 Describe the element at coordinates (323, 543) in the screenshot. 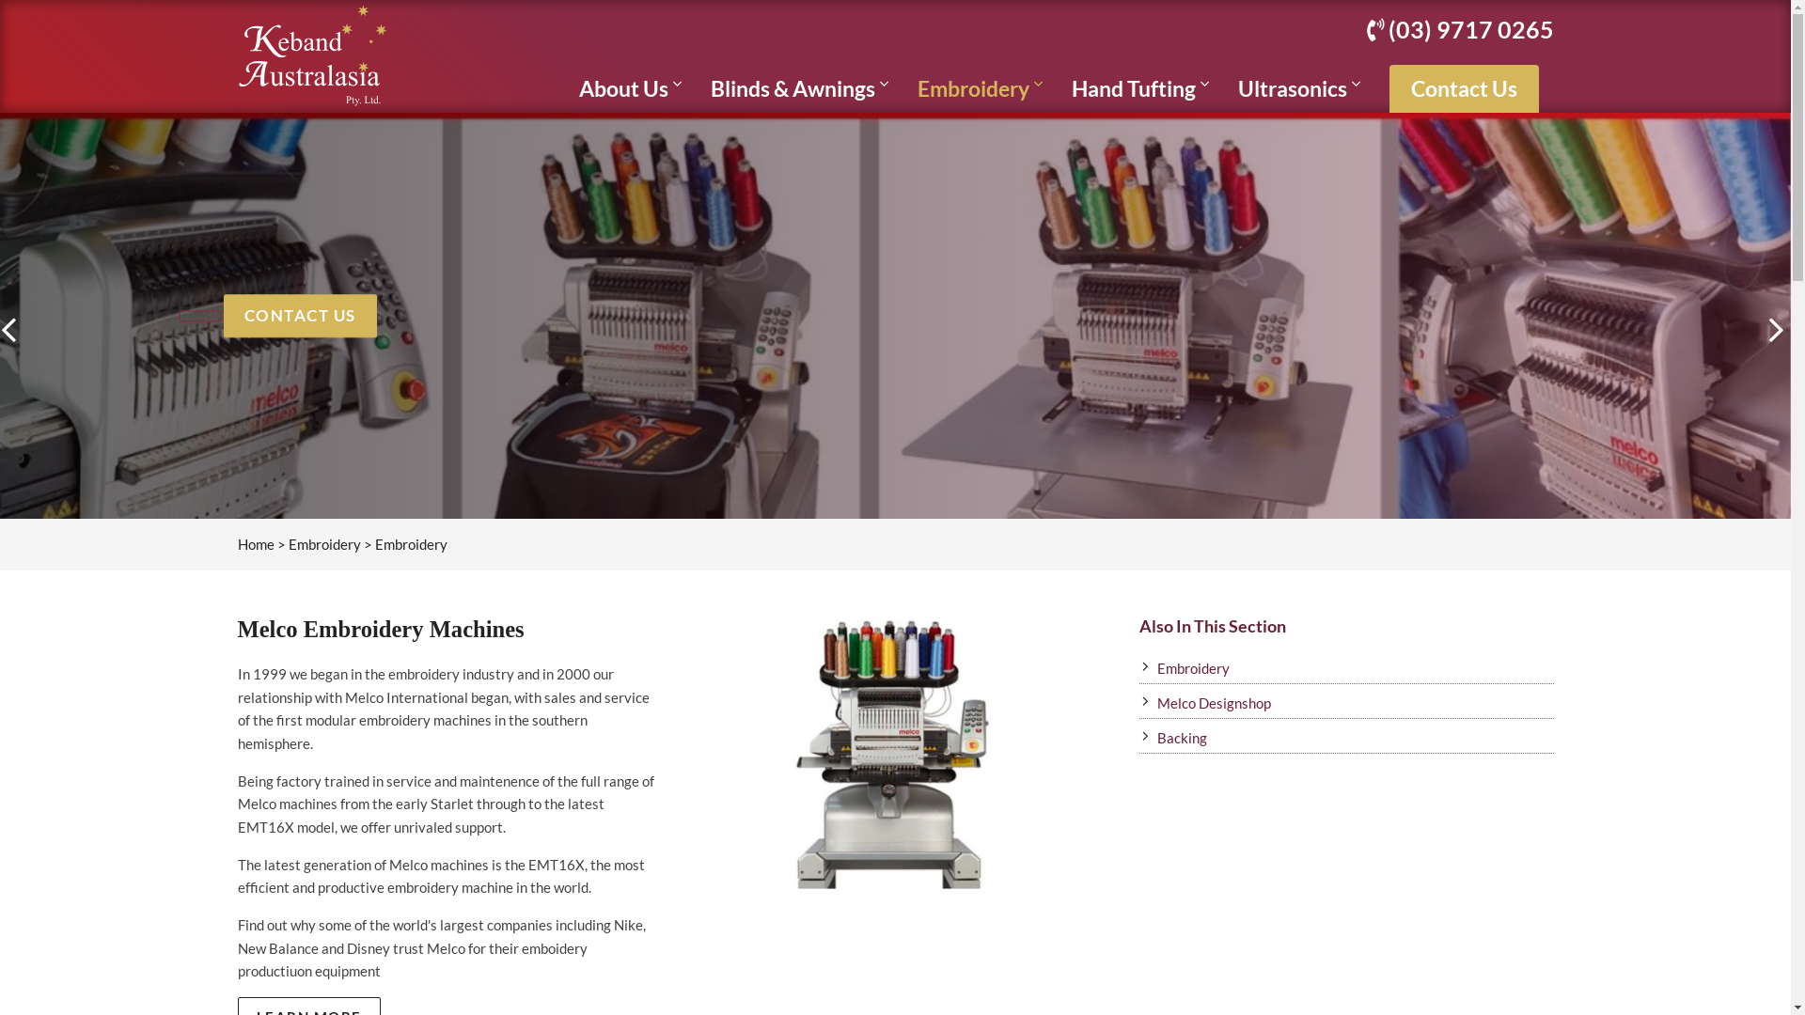

I see `'Embroidery'` at that location.